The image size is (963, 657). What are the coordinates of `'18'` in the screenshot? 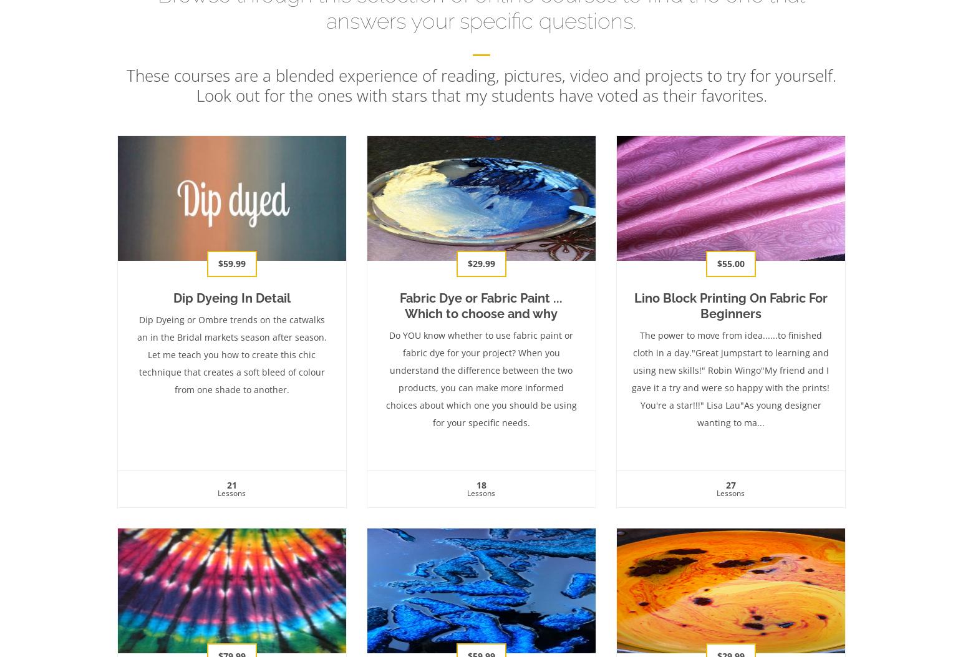 It's located at (476, 484).